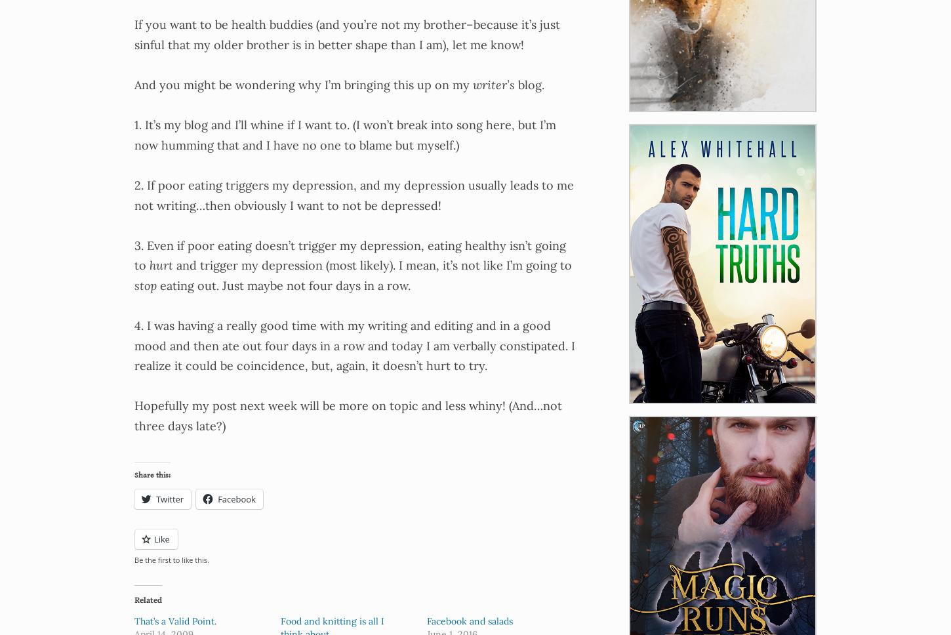  Describe the element at coordinates (472, 83) in the screenshot. I see `'writer’s'` at that location.